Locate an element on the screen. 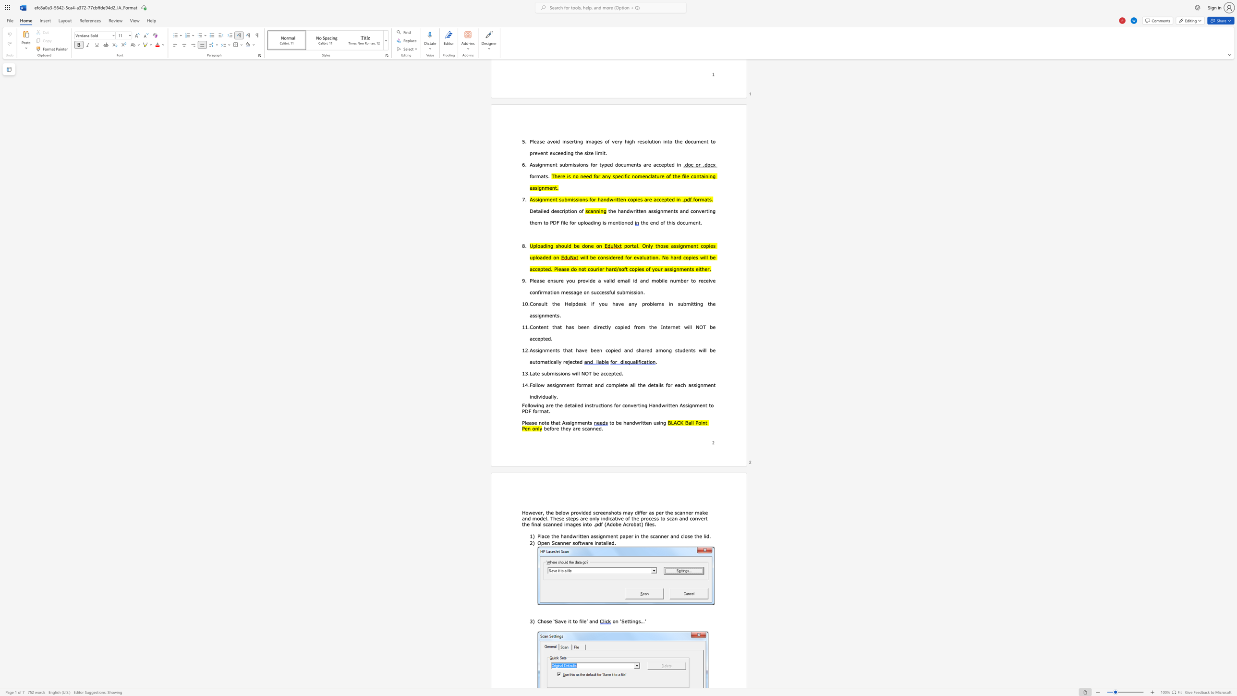 The width and height of the screenshot is (1237, 696). the subset text "are only indicative of the process to scan and convert the final scann" within the text "However, the below provided screenshots may differ as per the scanner make and model. These steps are only indicative of the process to scan and convert the final scanned images into .pdf (Adobe Acrobat) files." is located at coordinates (580, 518).